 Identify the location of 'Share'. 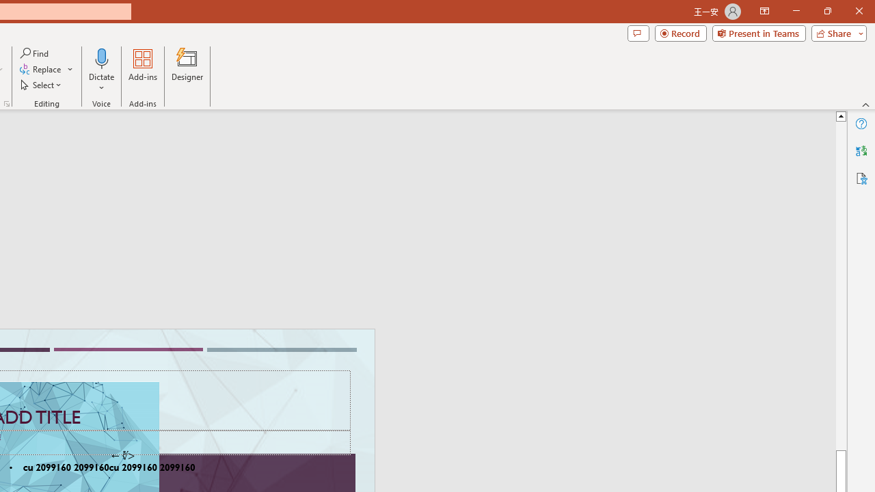
(835, 32).